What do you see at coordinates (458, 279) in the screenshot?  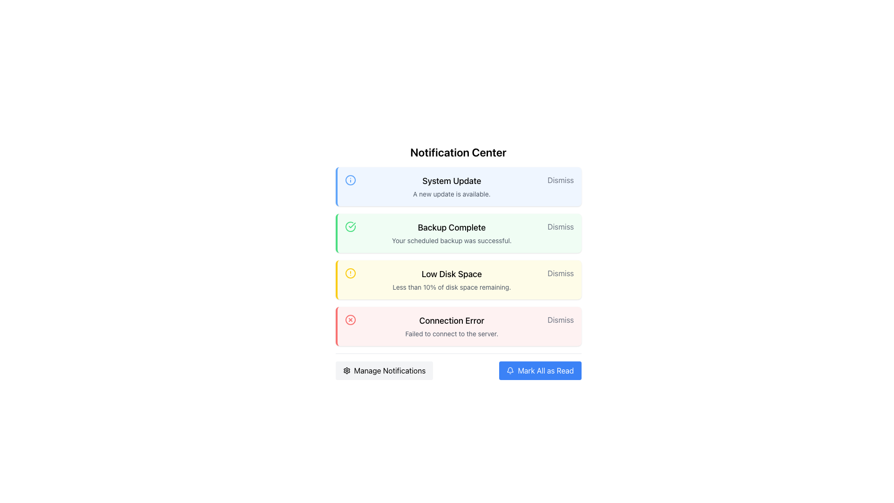 I see `message displayed in the notification box titled 'Low Disk Space', which indicates that less than 10% of disk space is remaining` at bounding box center [458, 279].